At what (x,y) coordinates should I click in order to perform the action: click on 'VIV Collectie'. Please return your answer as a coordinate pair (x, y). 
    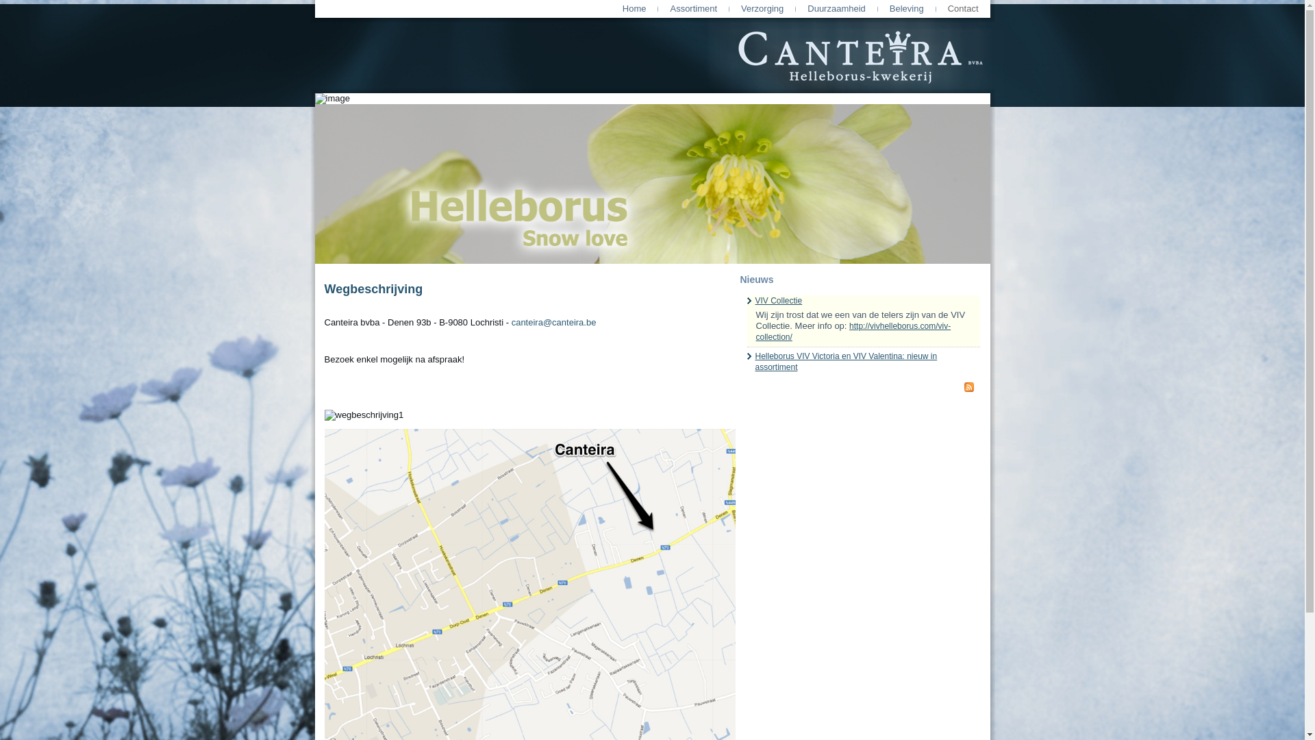
    Looking at the image, I should click on (778, 300).